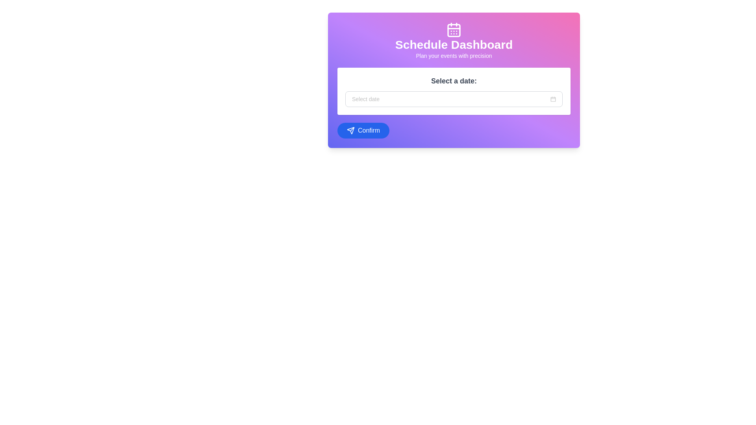 The height and width of the screenshot is (425, 756). Describe the element at coordinates (454, 30) in the screenshot. I see `the calendar icon with a purple background and white outlines, located at the top center of the panel above the 'Schedule Dashboard' heading` at that location.